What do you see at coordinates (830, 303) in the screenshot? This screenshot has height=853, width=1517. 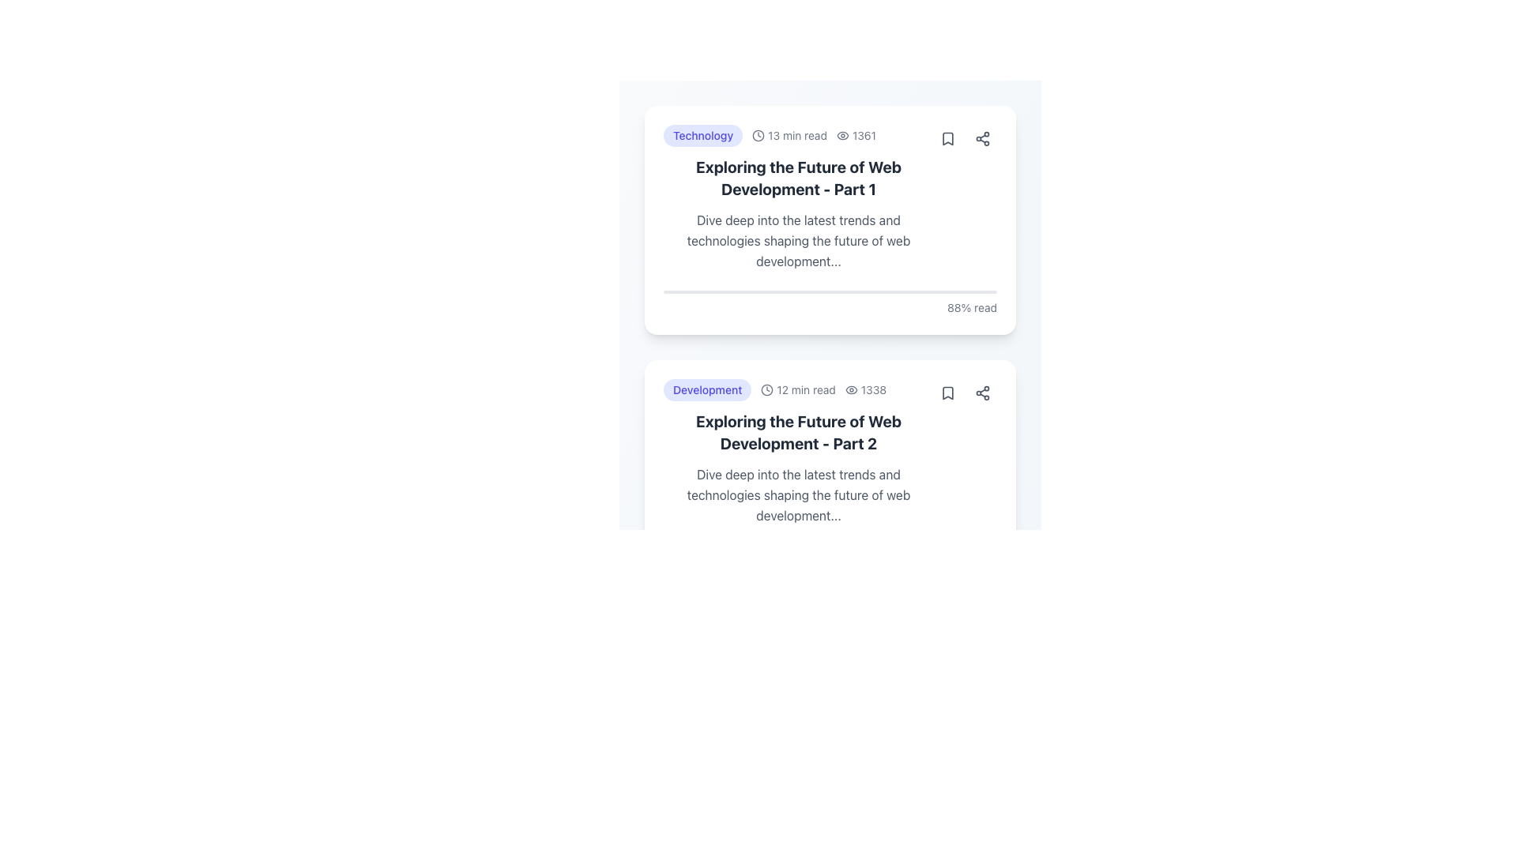 I see `the Progress indicator located at the bottom section of the article card, which shows the percentage of content read` at bounding box center [830, 303].